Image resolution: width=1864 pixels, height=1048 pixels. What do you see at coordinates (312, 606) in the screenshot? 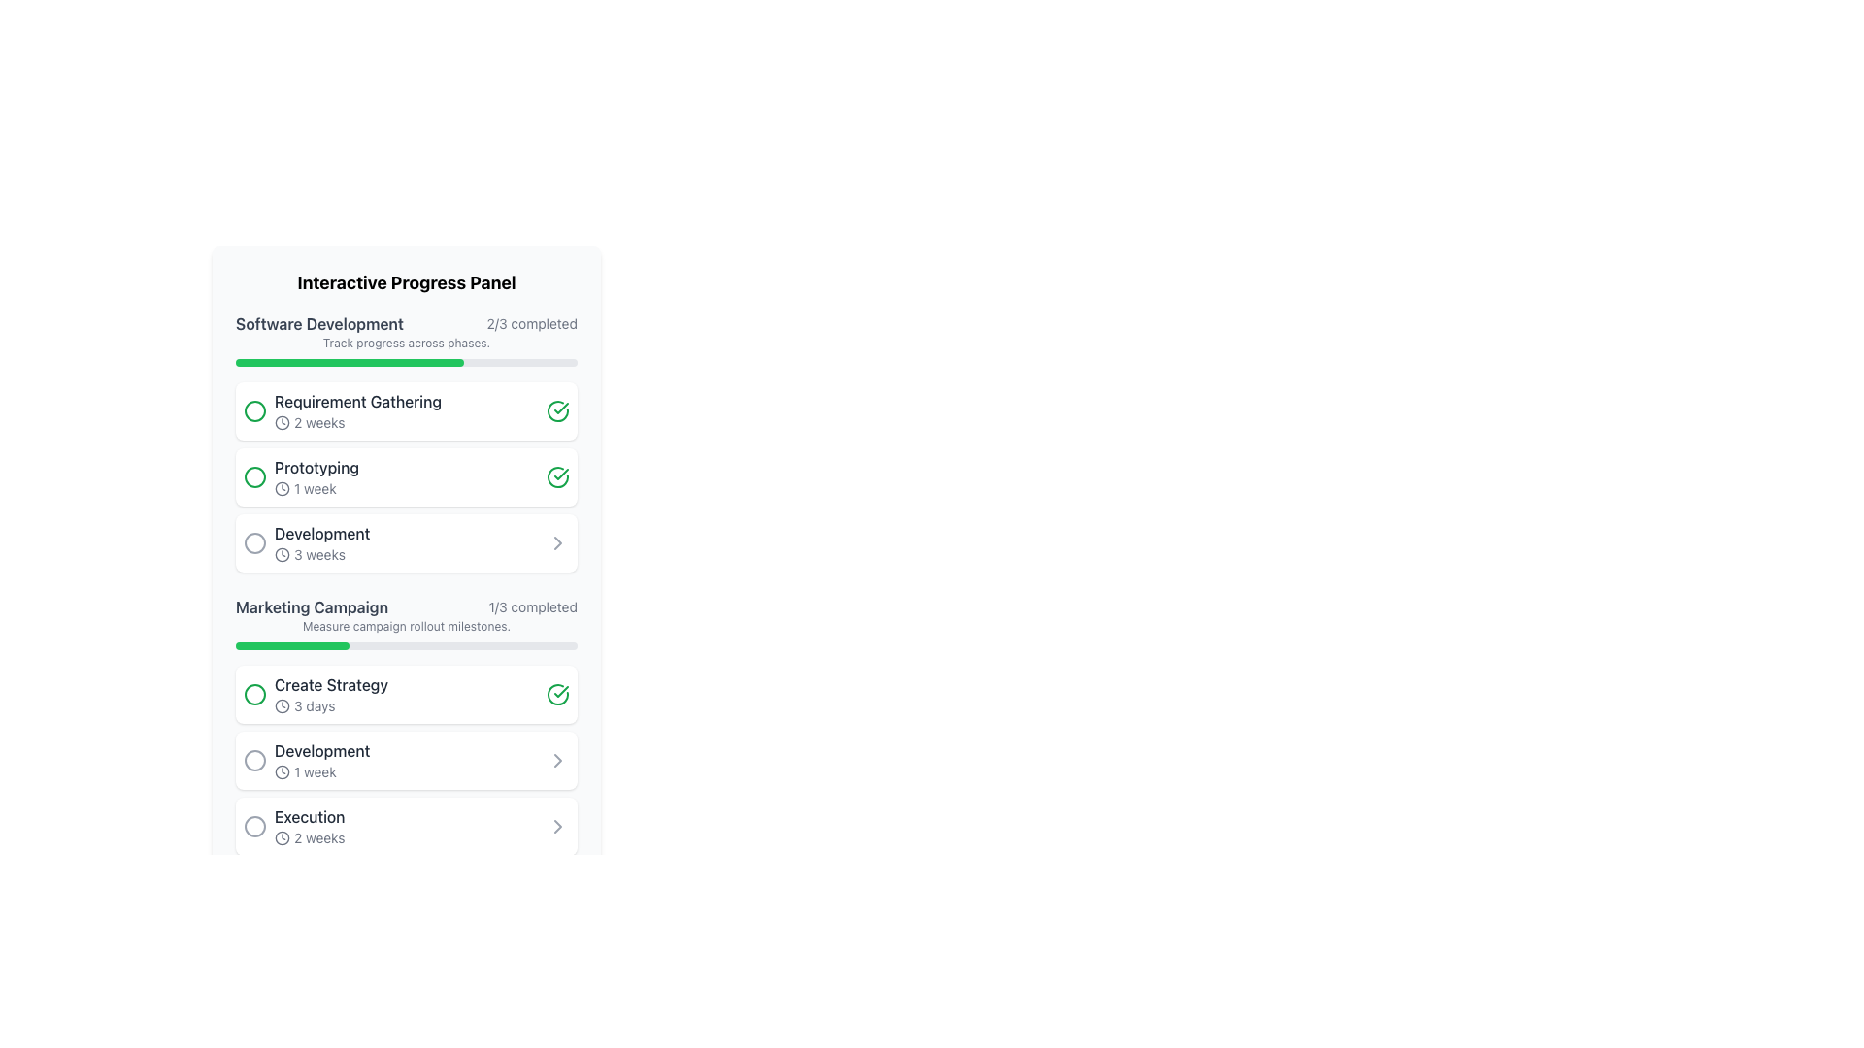
I see `the static text label that serves as a header for the associated task or section, which is aligned to the left of its sibling displaying progress information` at bounding box center [312, 606].